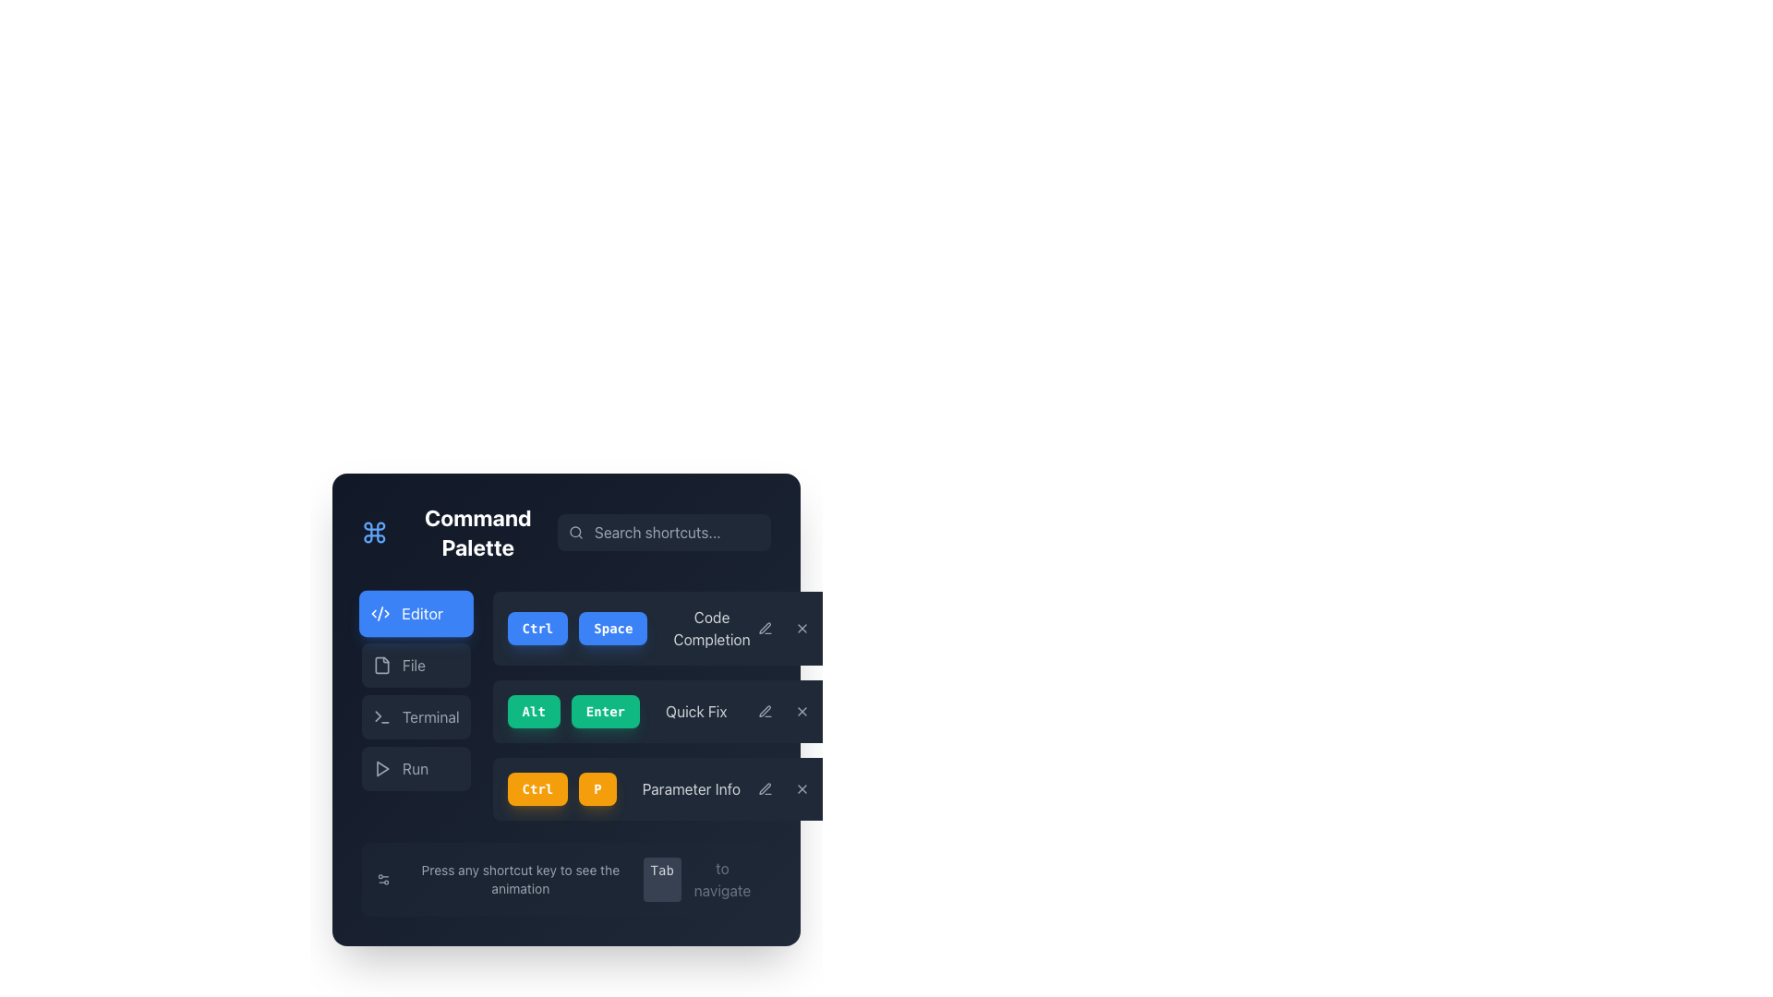  What do you see at coordinates (382, 878) in the screenshot?
I see `the settings icon located under the text 'Press any shortcut key to see the animation' in the dark rectangular section` at bounding box center [382, 878].